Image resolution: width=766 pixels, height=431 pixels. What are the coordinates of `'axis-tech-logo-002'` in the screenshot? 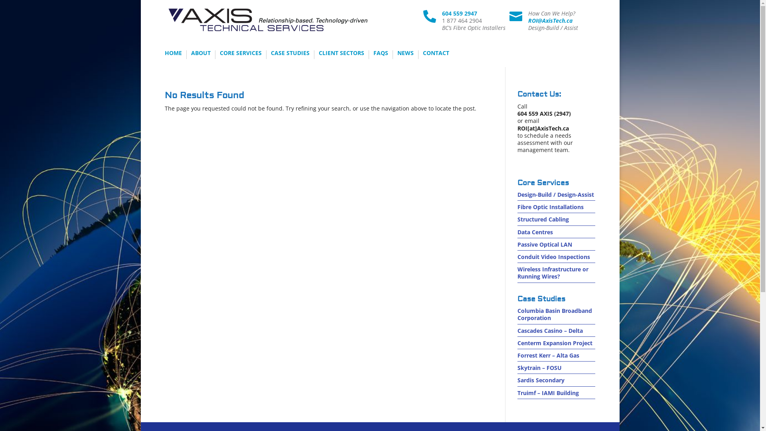 It's located at (268, 20).